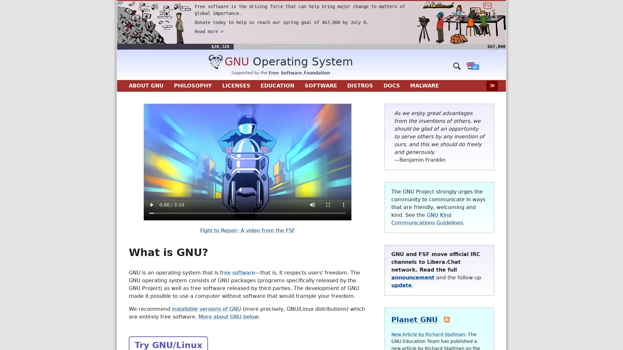 The image size is (623, 350). I want to click on enter full screen, so click(327, 205).